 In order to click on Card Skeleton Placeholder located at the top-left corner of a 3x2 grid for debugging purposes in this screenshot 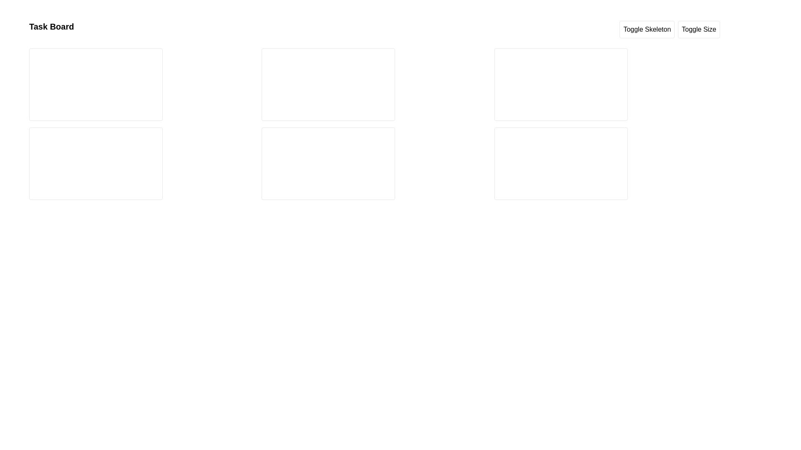, I will do `click(96, 85)`.